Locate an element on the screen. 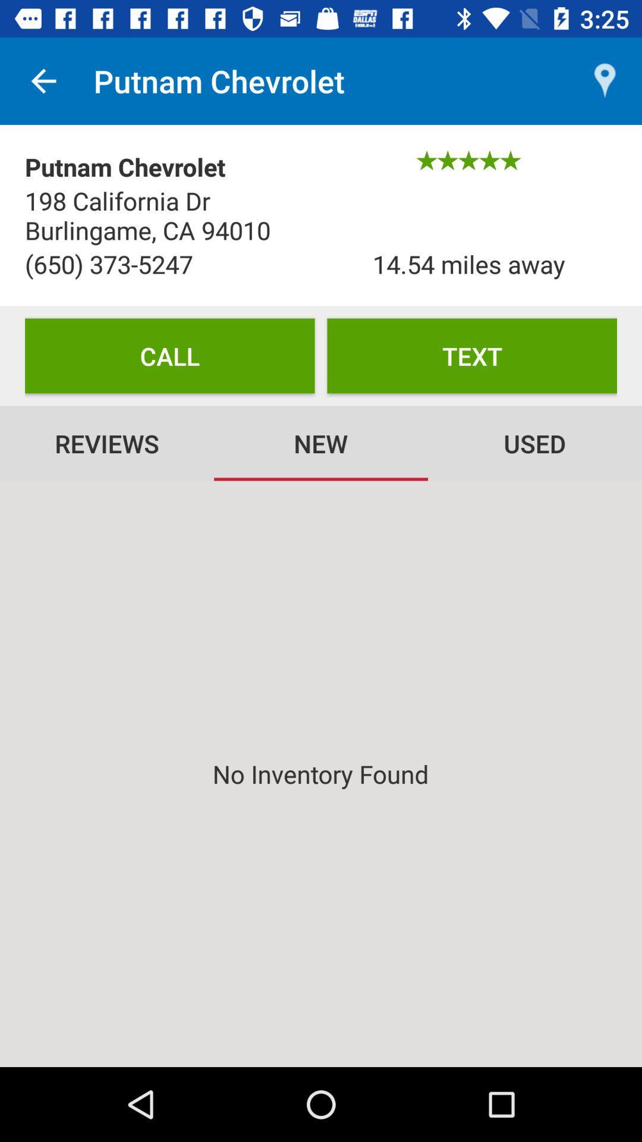  the text is located at coordinates (471, 355).